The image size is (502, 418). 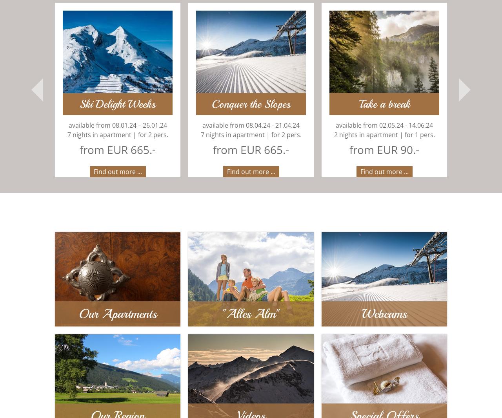 What do you see at coordinates (340, 150) in the screenshot?
I see `'from EUR 90.-'` at bounding box center [340, 150].